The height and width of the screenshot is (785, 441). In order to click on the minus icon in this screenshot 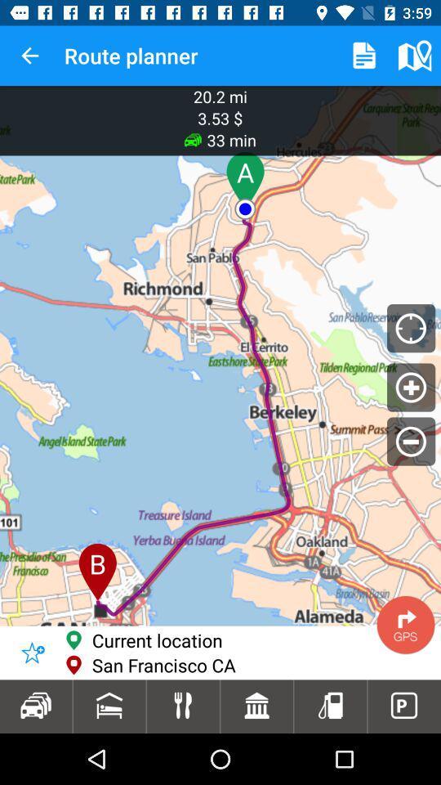, I will do `click(410, 440)`.